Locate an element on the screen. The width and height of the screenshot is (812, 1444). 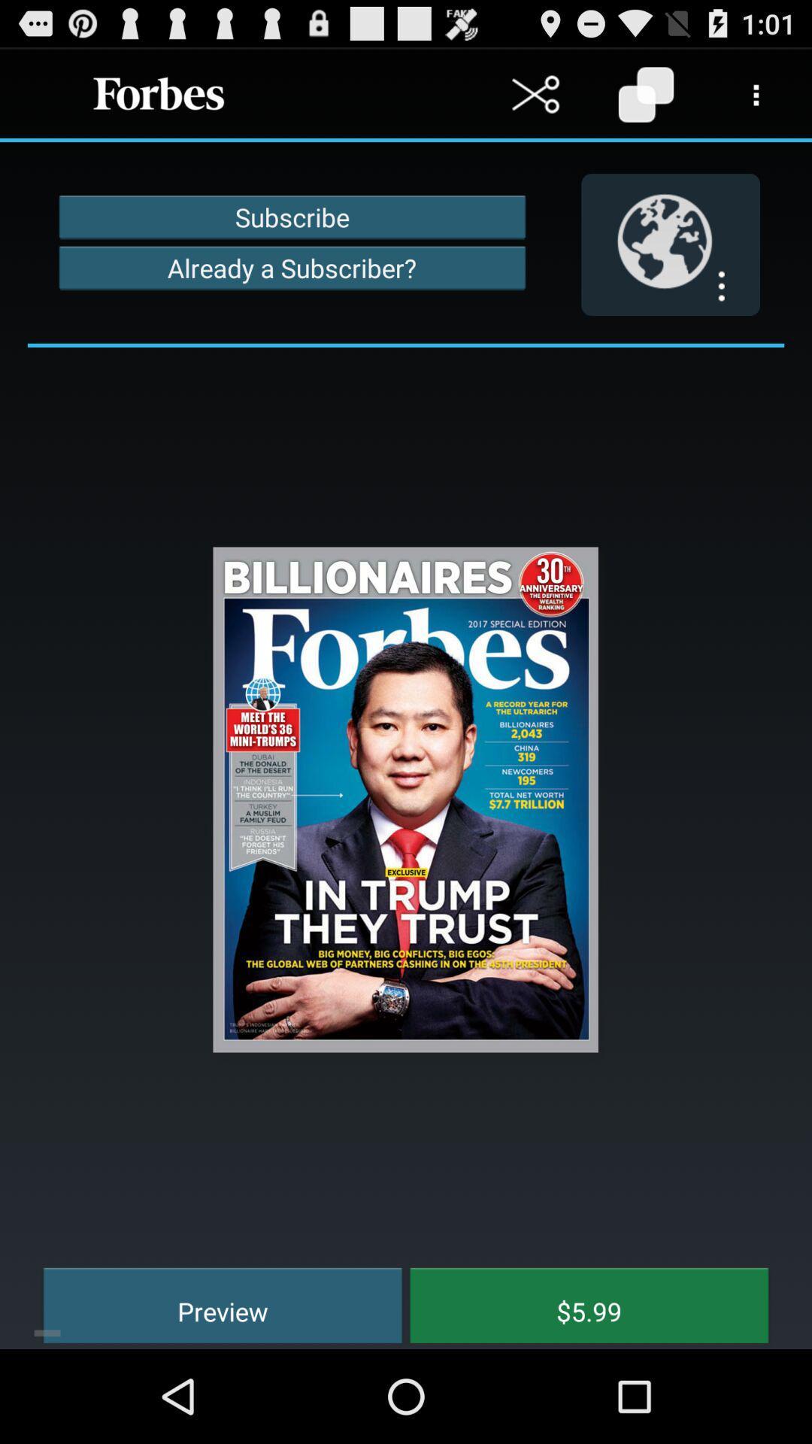
copy content is located at coordinates (645, 93).